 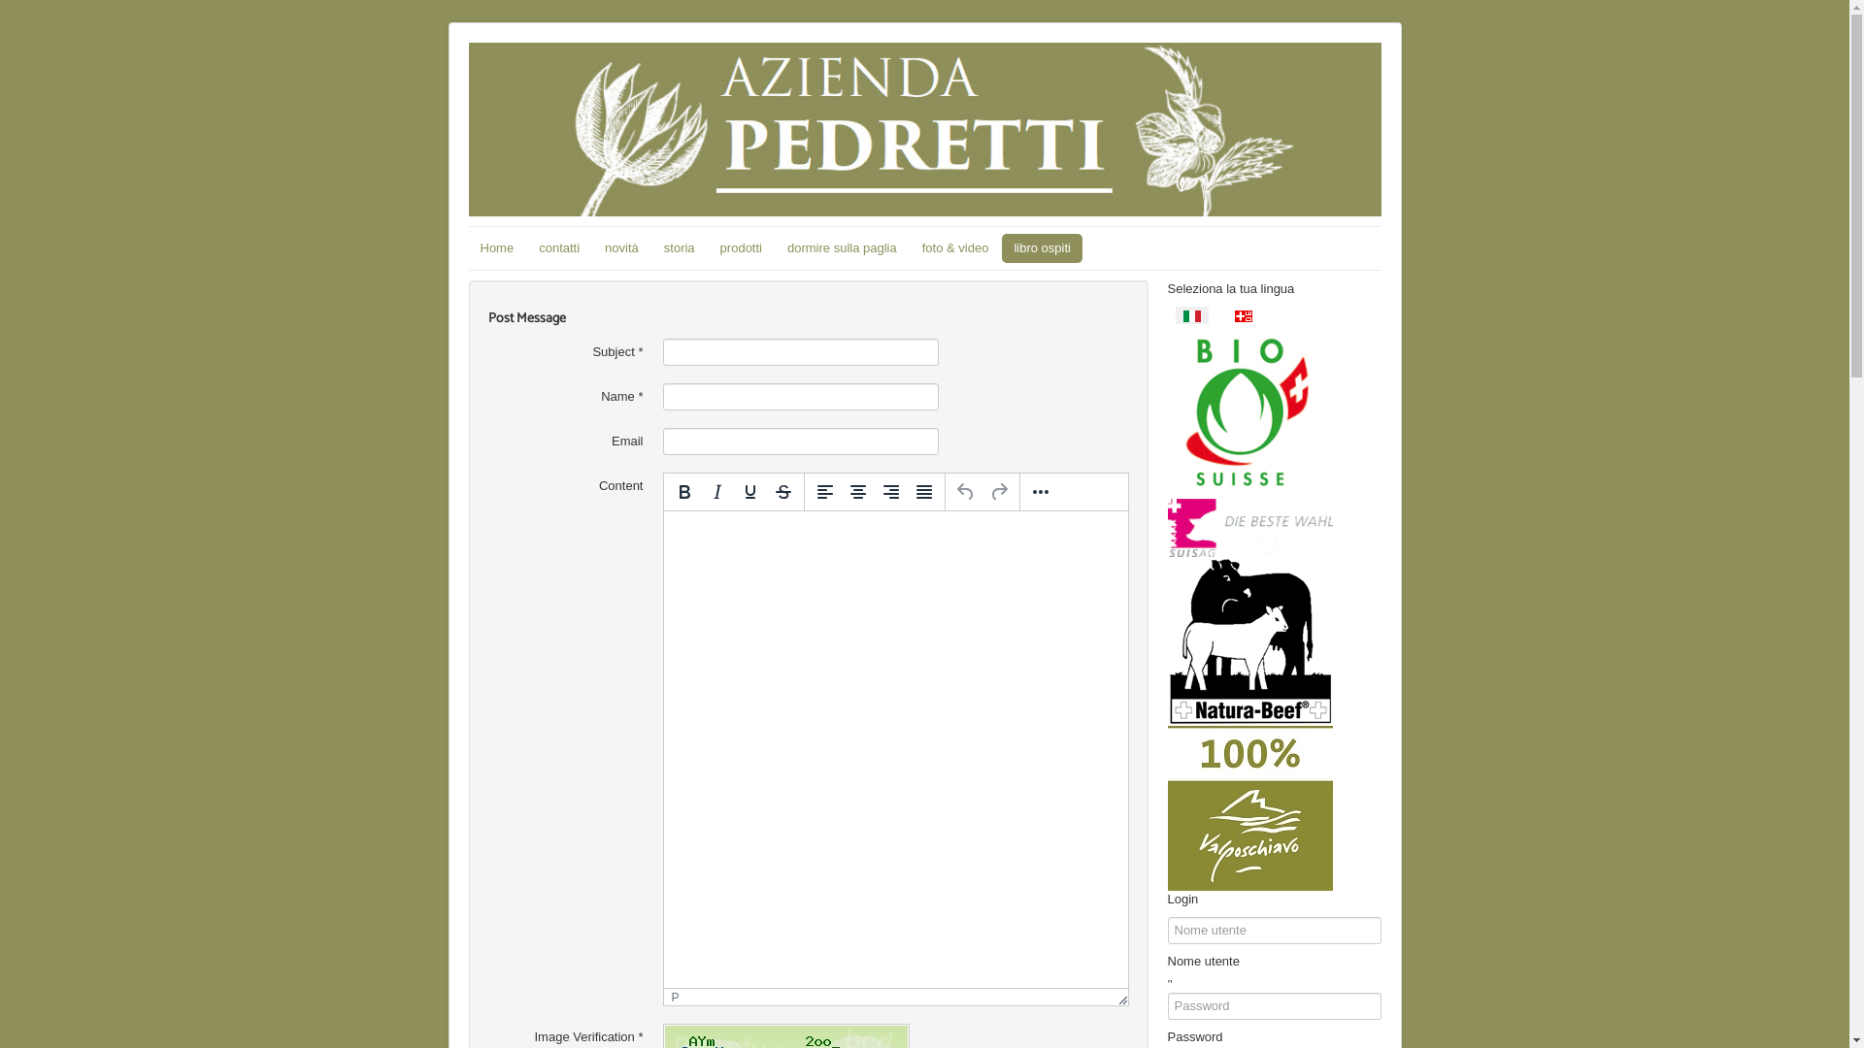 What do you see at coordinates (1244, 315) in the screenshot?
I see `'Deutsch (Deutschland)'` at bounding box center [1244, 315].